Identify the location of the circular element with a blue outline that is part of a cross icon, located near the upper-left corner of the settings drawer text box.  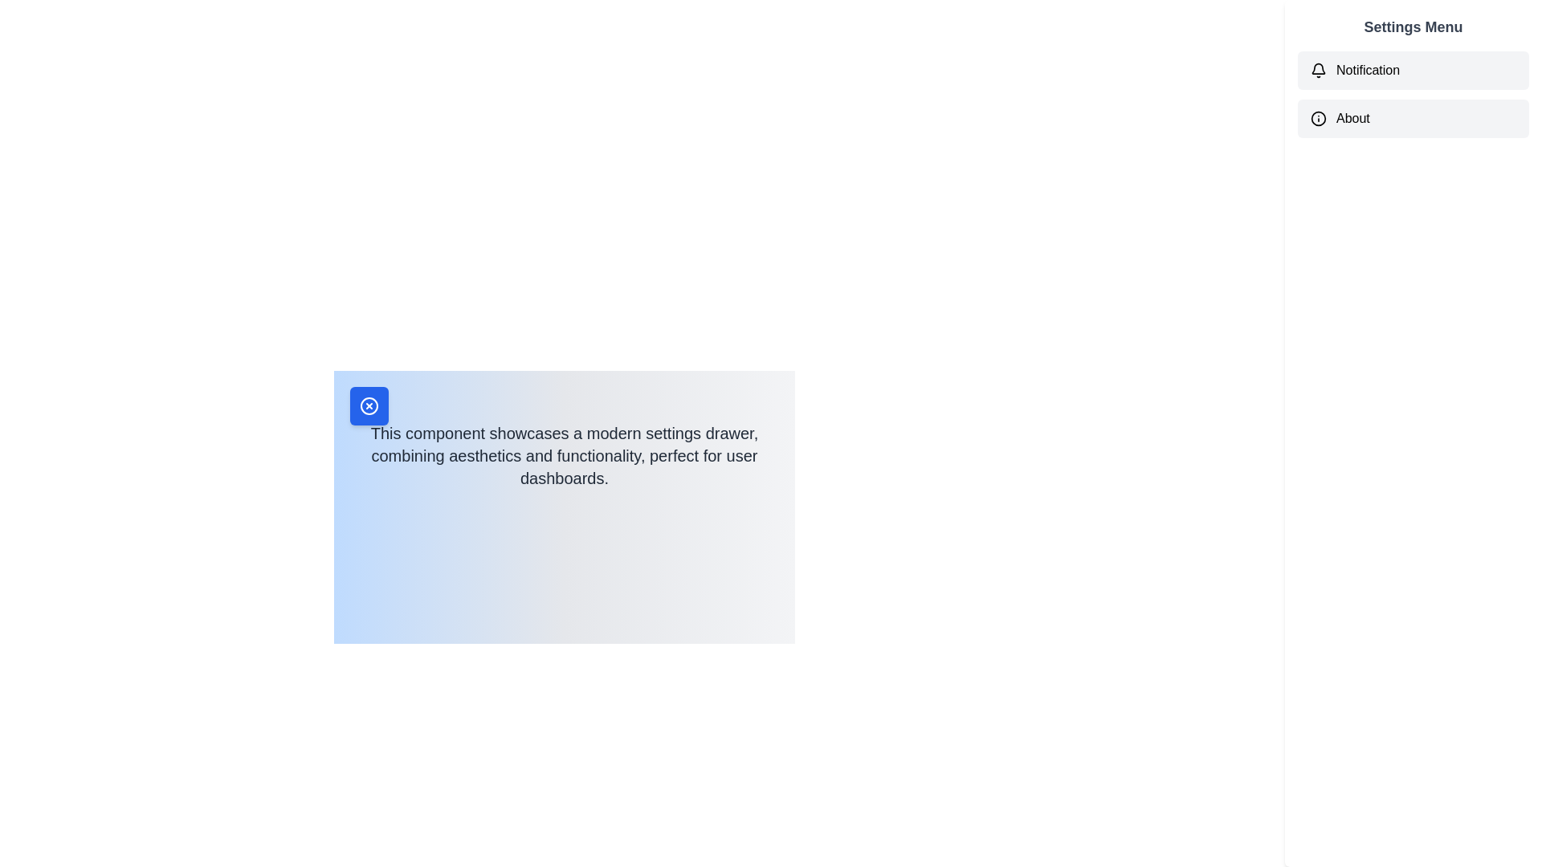
(369, 405).